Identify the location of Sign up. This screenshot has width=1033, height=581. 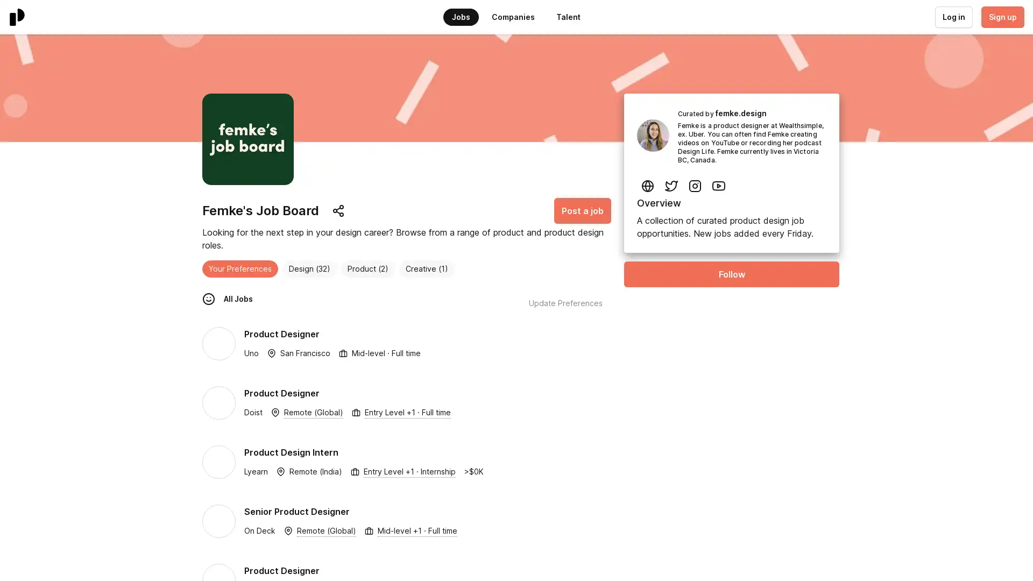
(1001, 17).